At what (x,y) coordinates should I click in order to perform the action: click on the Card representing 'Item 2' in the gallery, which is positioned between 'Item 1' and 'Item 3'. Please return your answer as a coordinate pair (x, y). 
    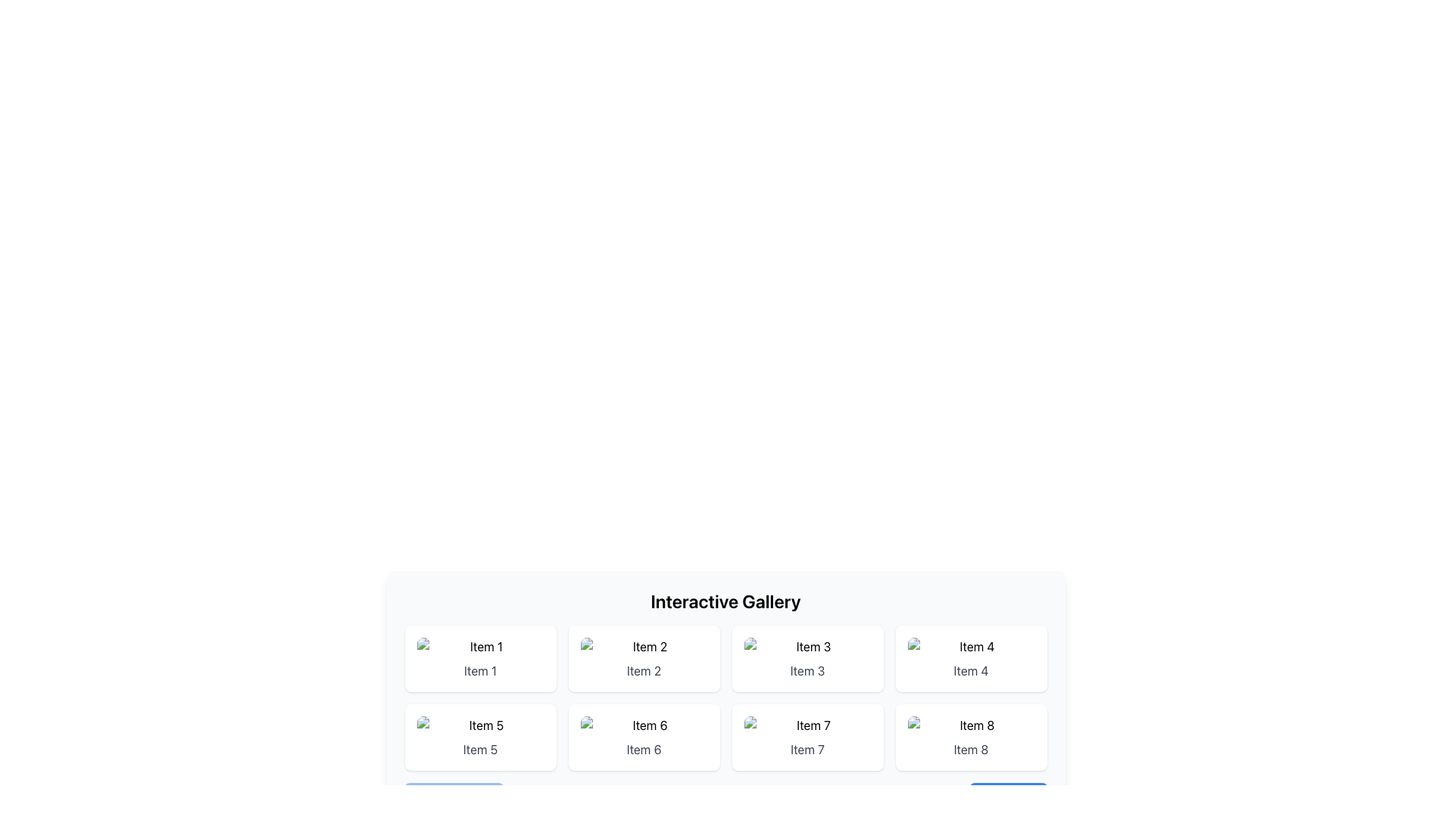
    Looking at the image, I should click on (644, 658).